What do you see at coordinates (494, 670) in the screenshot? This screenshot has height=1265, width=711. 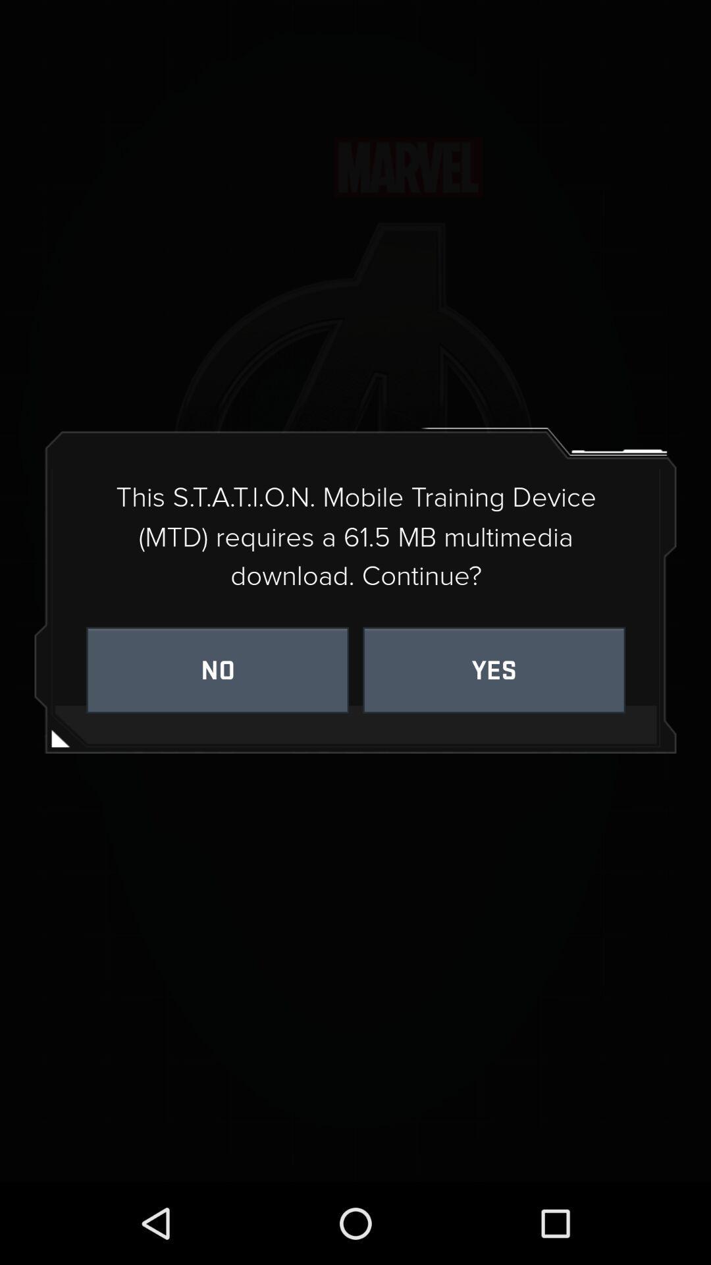 I see `icon next to no item` at bounding box center [494, 670].